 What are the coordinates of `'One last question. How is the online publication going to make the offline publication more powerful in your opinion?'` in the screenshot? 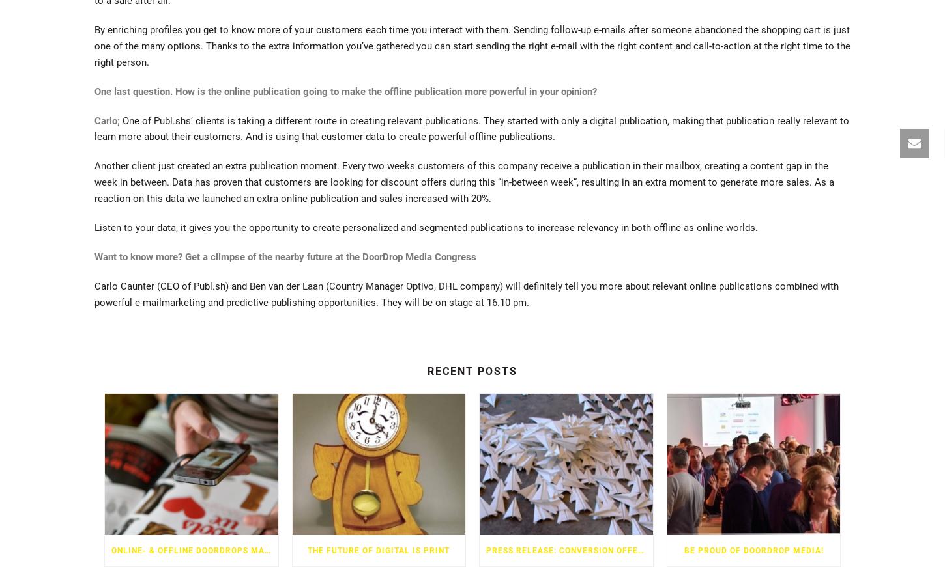 It's located at (345, 90).